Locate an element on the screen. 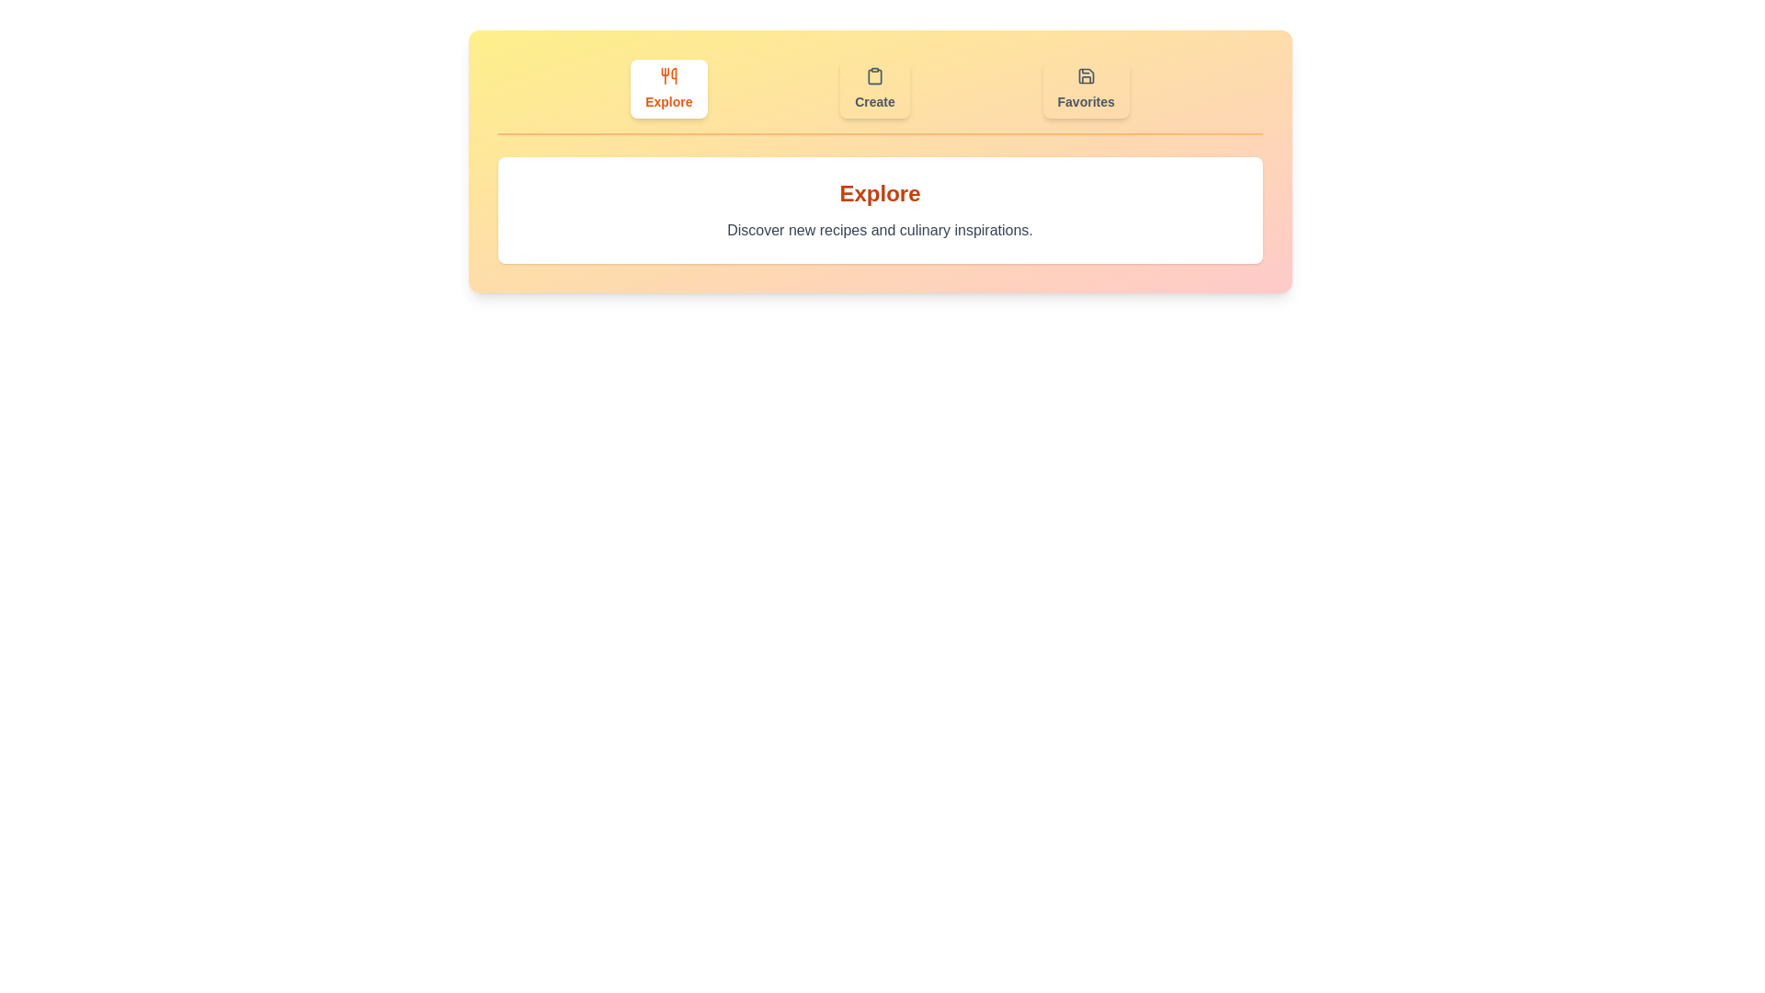  the tab icon corresponding to Favorites is located at coordinates (1086, 88).